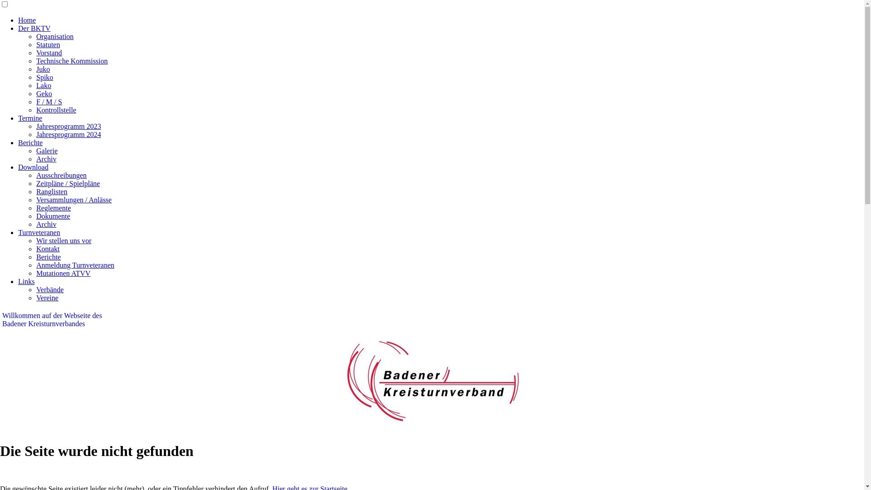 Image resolution: width=871 pixels, height=490 pixels. What do you see at coordinates (49, 53) in the screenshot?
I see `'Vorstand'` at bounding box center [49, 53].